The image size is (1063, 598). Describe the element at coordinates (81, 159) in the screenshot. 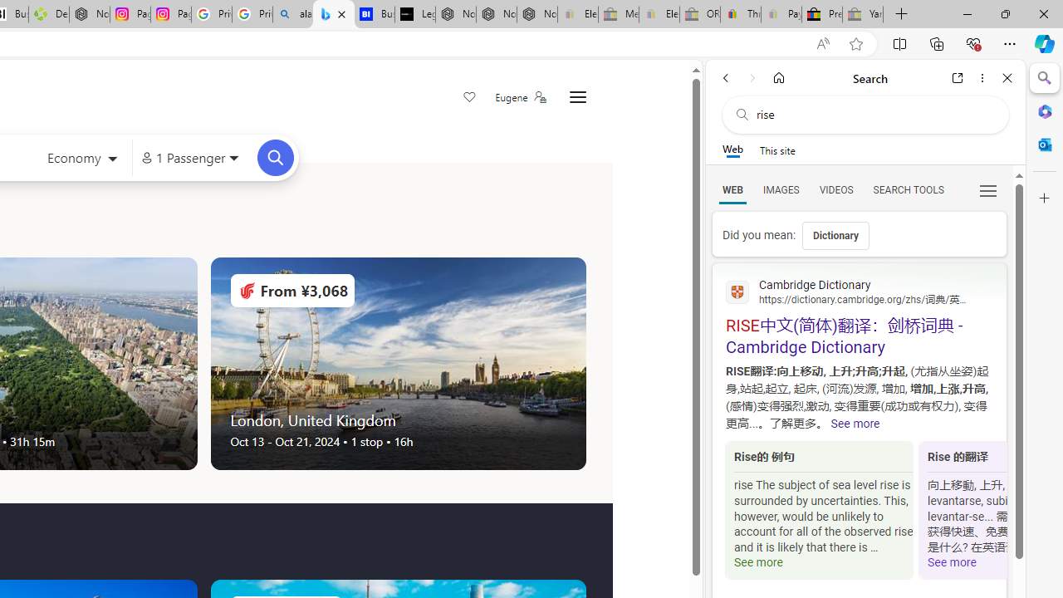

I see `'Select class of service'` at that location.